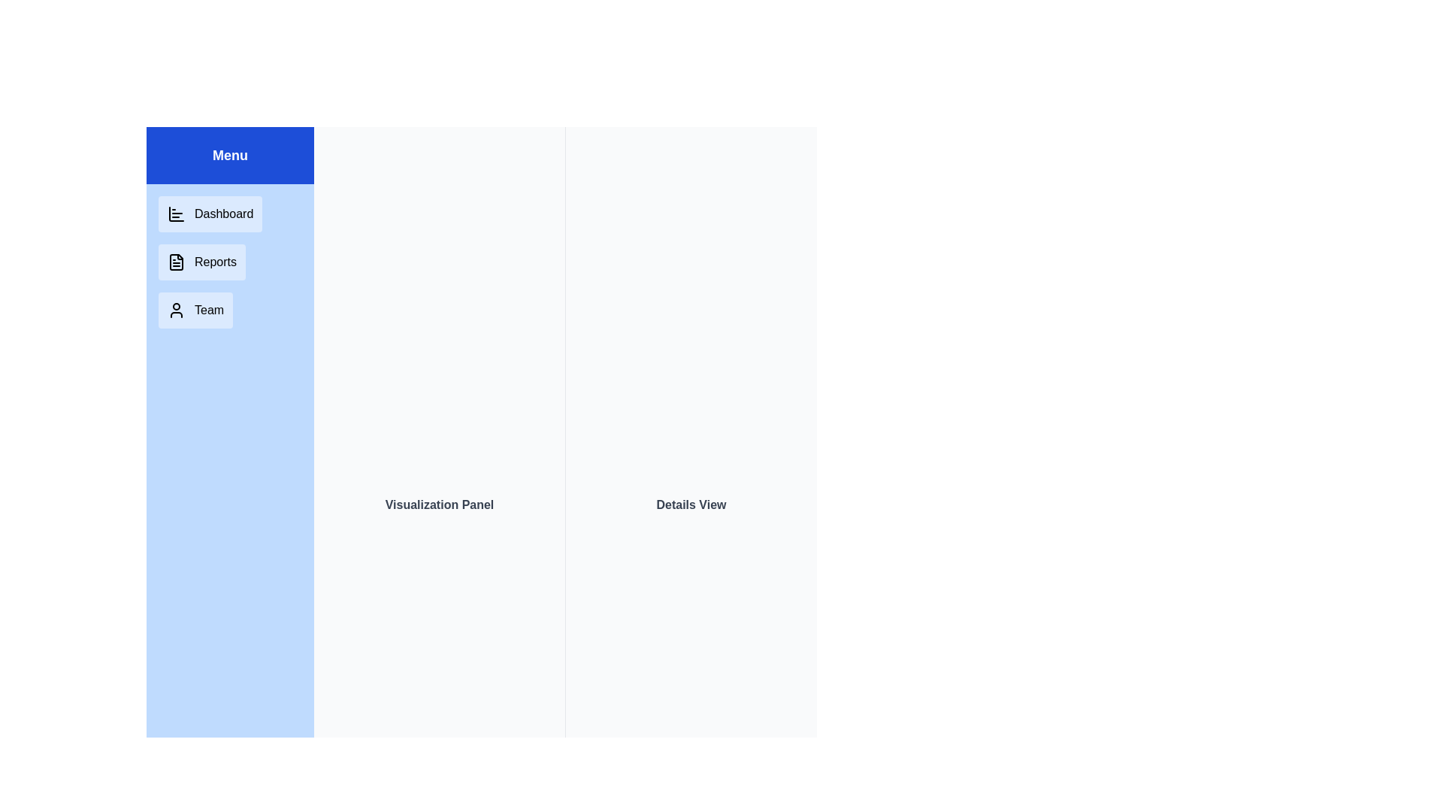 The width and height of the screenshot is (1443, 812). I want to click on the 'Dashboard' navigation button located in the left-side sidebar, which is the first button in a vertical list below the 'Menu' header for visual feedback, so click(210, 214).